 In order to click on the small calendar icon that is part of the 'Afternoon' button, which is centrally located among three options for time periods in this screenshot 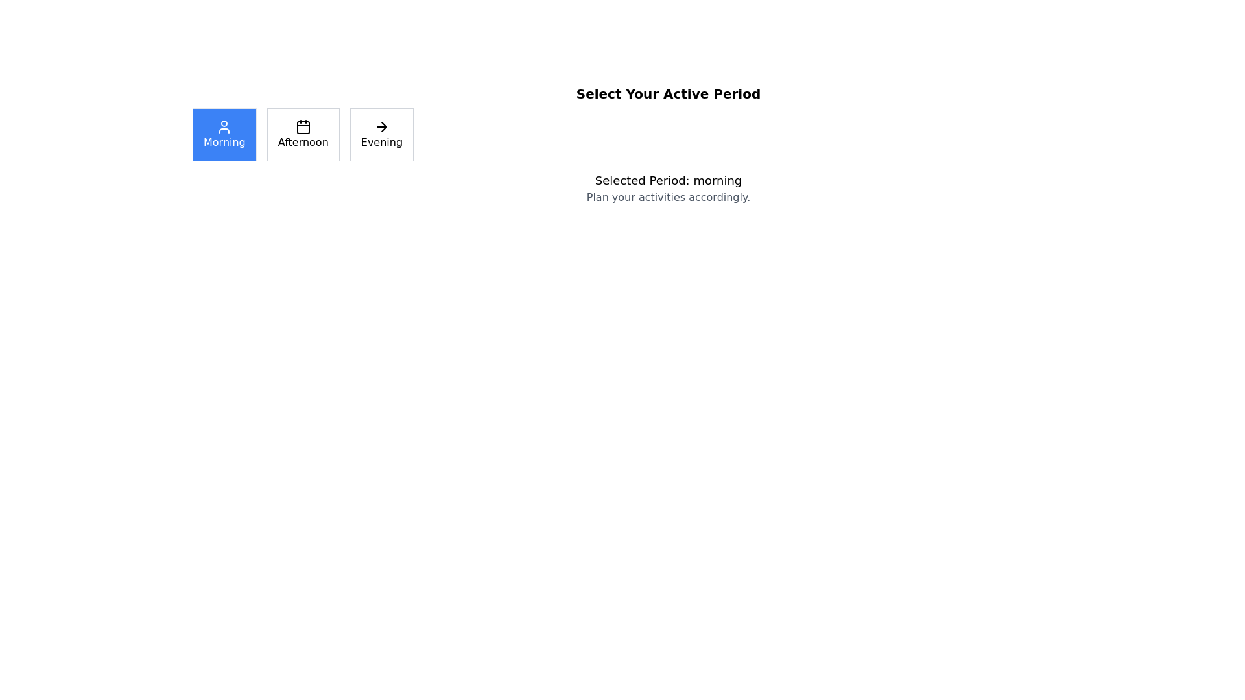, I will do `click(302, 127)`.